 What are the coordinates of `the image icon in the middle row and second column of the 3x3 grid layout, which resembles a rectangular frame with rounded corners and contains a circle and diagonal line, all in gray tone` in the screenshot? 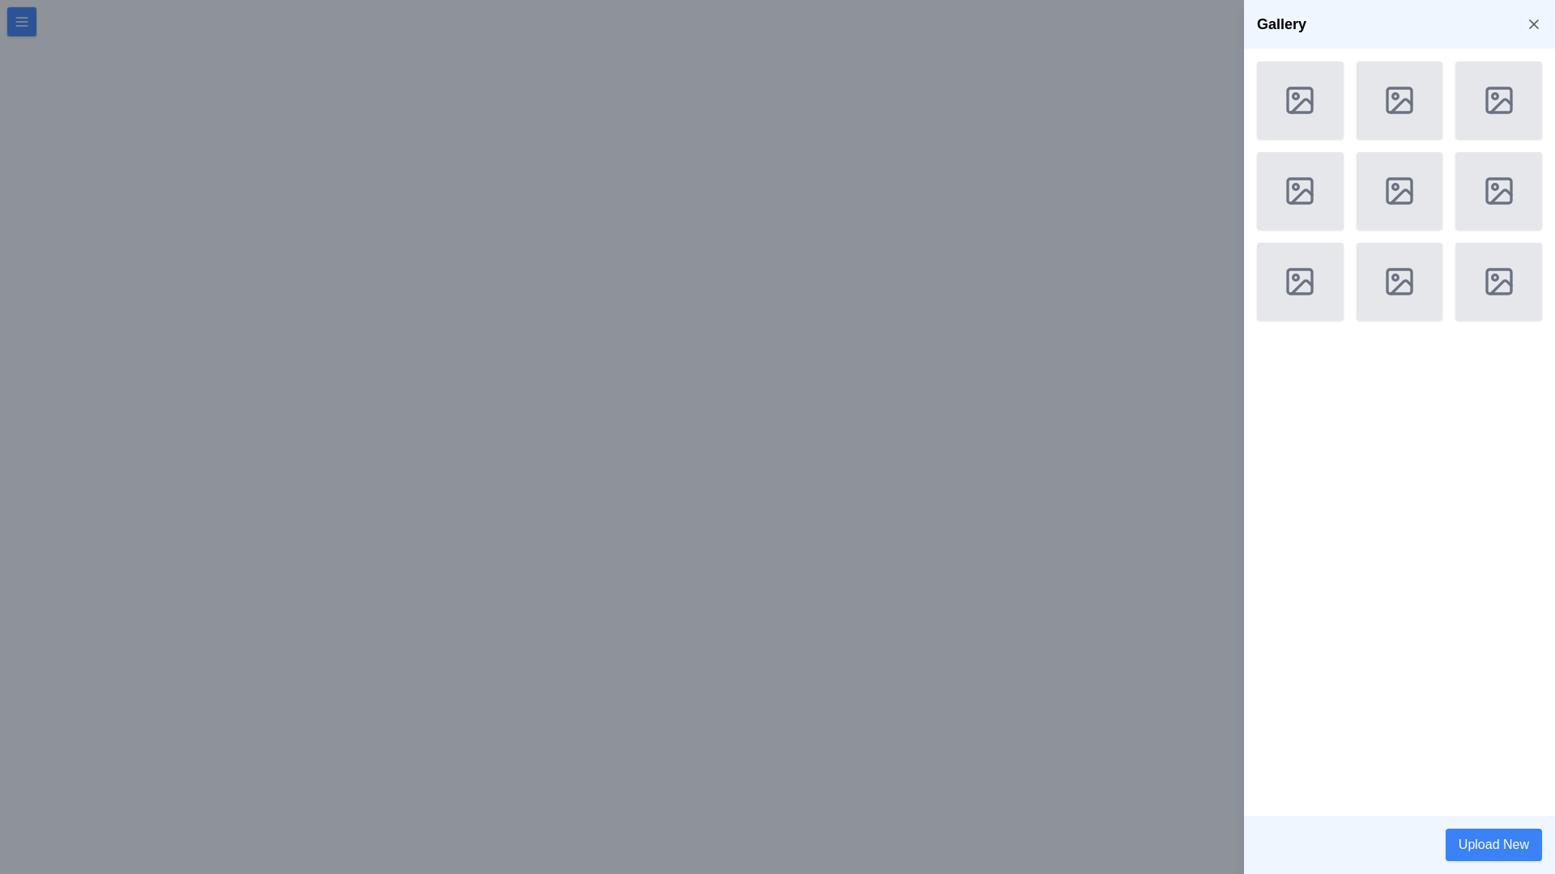 It's located at (1300, 189).